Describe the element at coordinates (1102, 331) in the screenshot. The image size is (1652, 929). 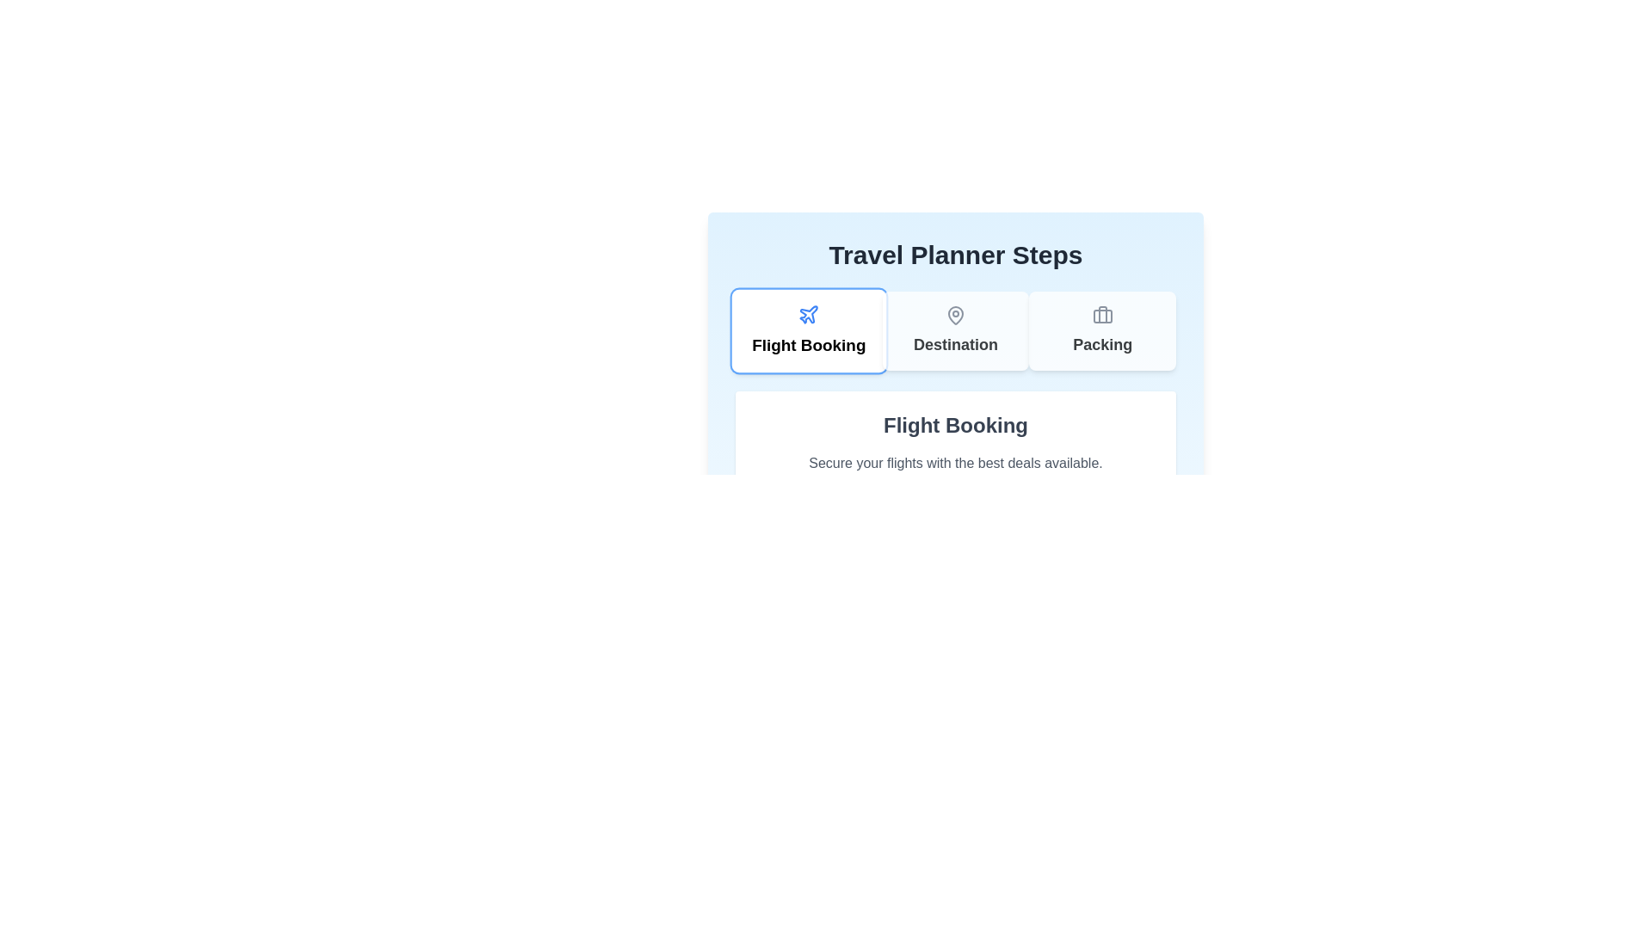
I see `the 'Packing' step card in the 'Travel Planner Steps' section, which is the third component on the far right` at that location.